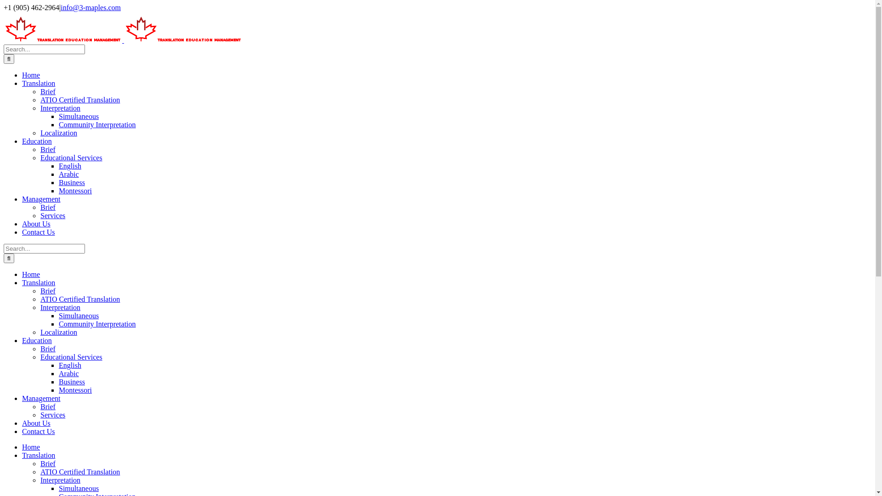 This screenshot has height=496, width=882. I want to click on 'Educational Services', so click(71, 356).